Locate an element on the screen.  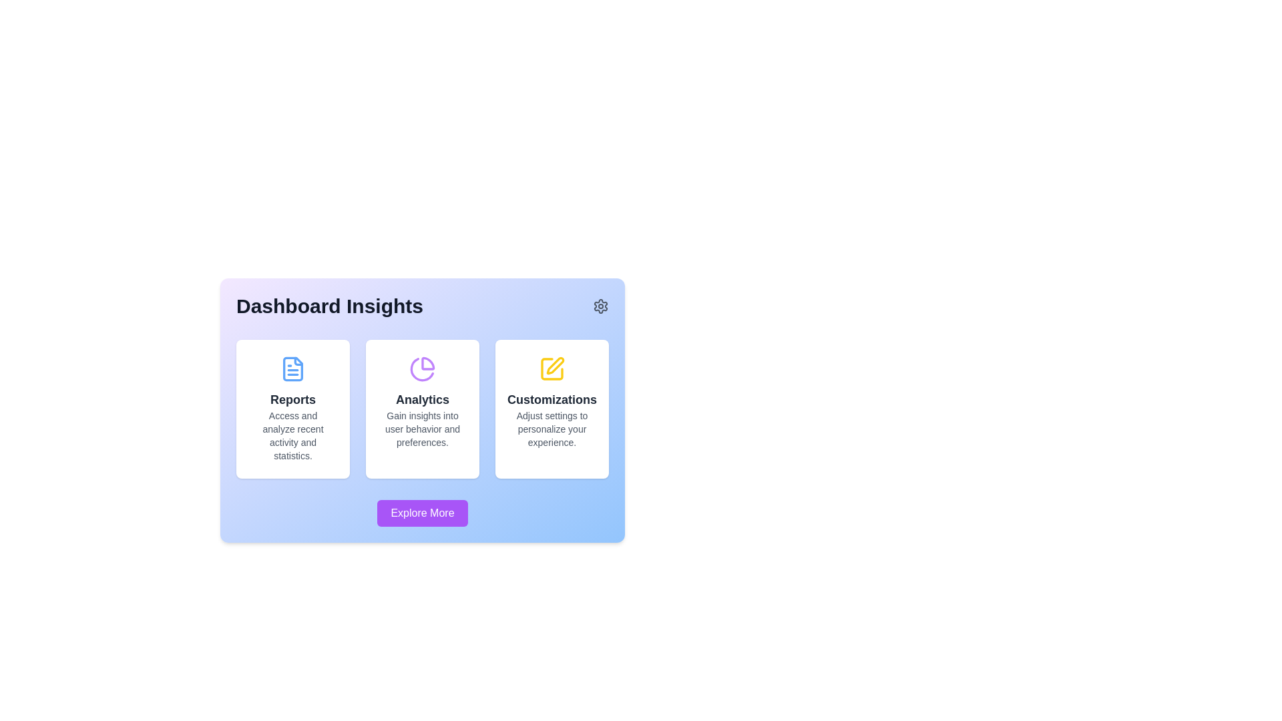
the 'Analytics' Card located in the middle of the three-column grid layout on the Dashboard Insights section is located at coordinates (422, 409).